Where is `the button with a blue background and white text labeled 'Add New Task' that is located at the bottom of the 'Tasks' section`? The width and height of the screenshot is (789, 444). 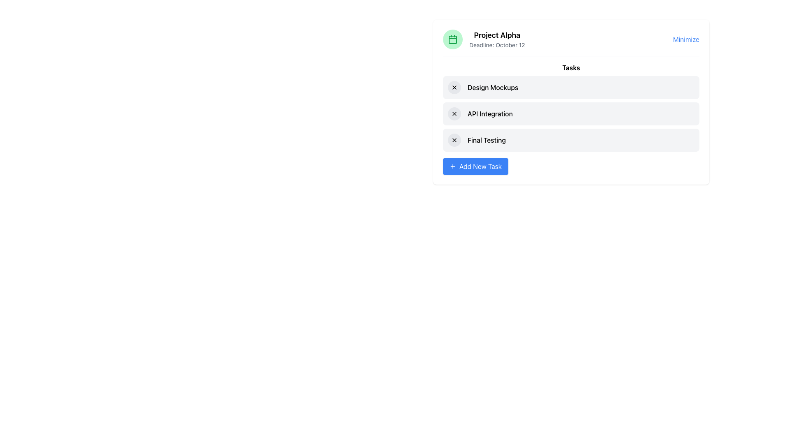 the button with a blue background and white text labeled 'Add New Task' that is located at the bottom of the 'Tasks' section is located at coordinates (475, 166).